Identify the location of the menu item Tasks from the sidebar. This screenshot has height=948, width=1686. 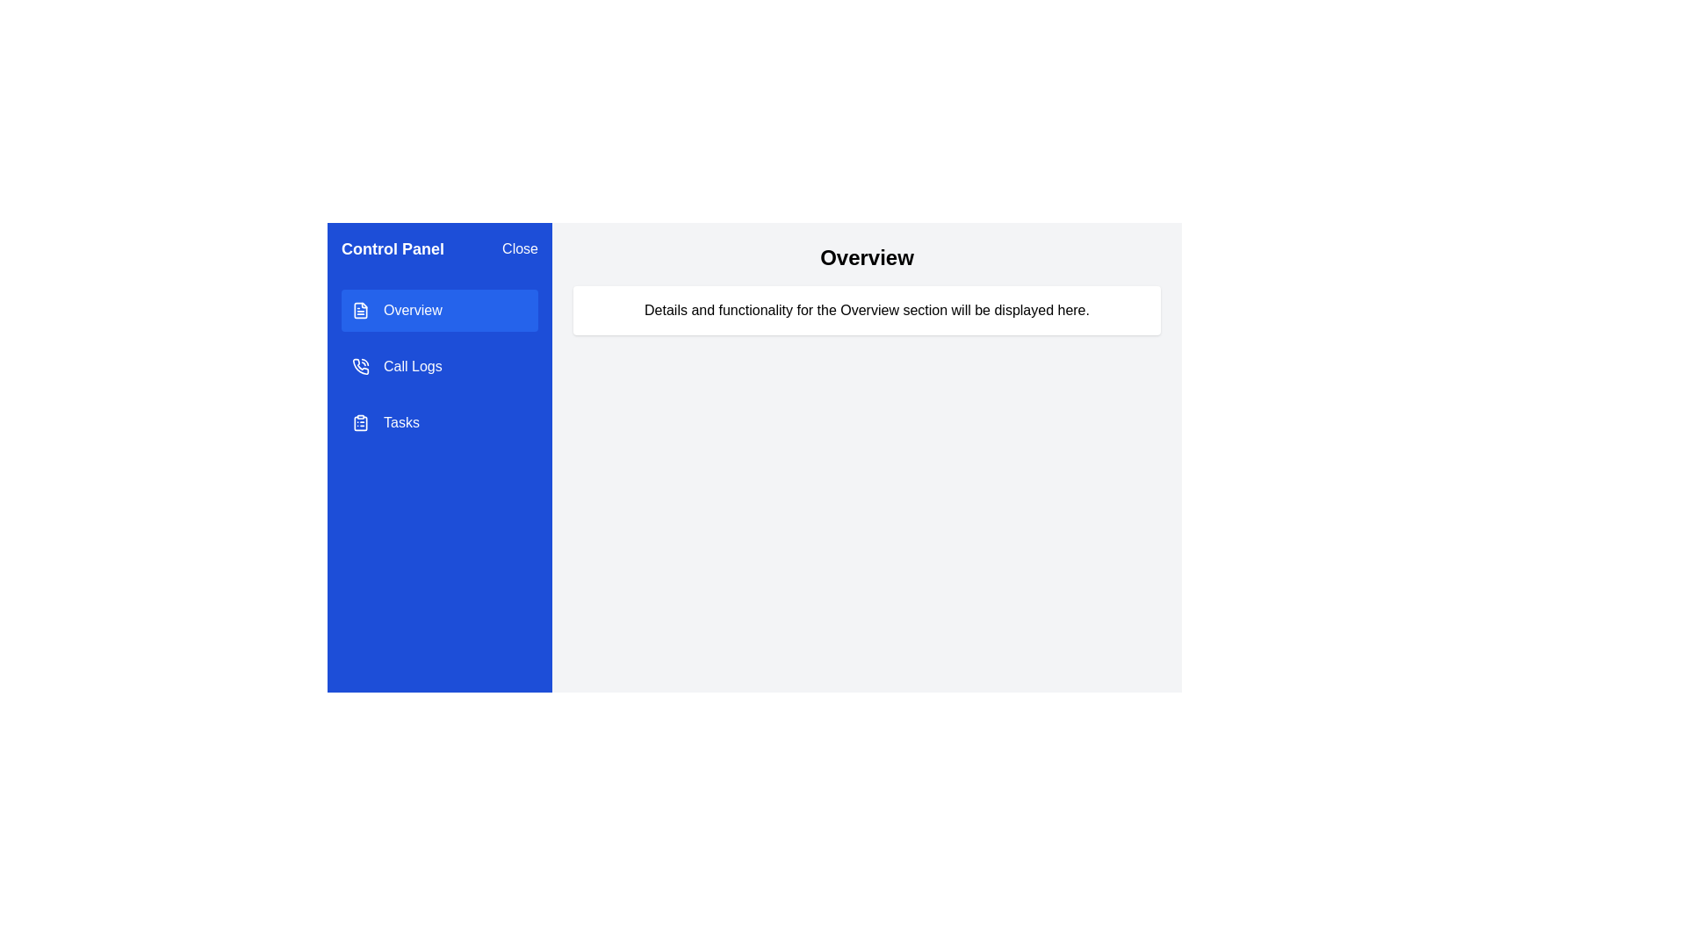
(439, 423).